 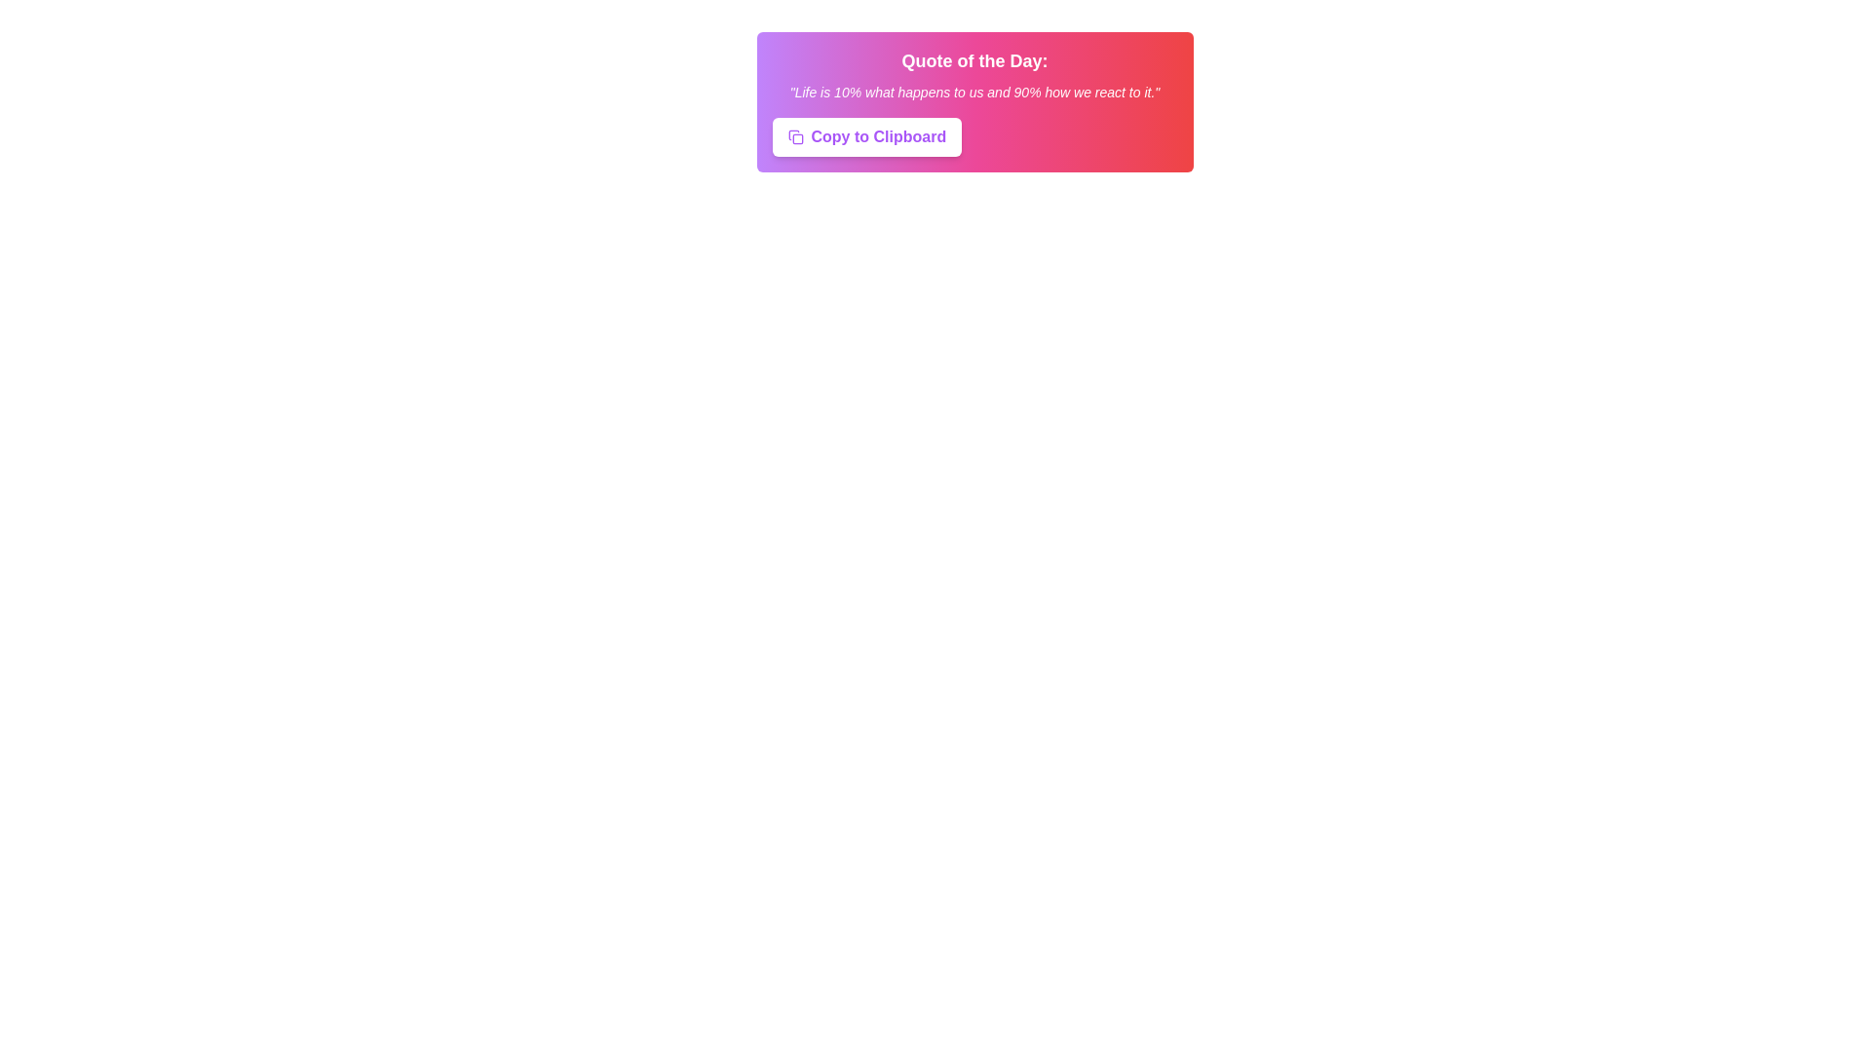 What do you see at coordinates (795, 136) in the screenshot?
I see `the small purple outline icon resembling two overlapping copies, located to the left of the 'Copy to Clipboard' button` at bounding box center [795, 136].